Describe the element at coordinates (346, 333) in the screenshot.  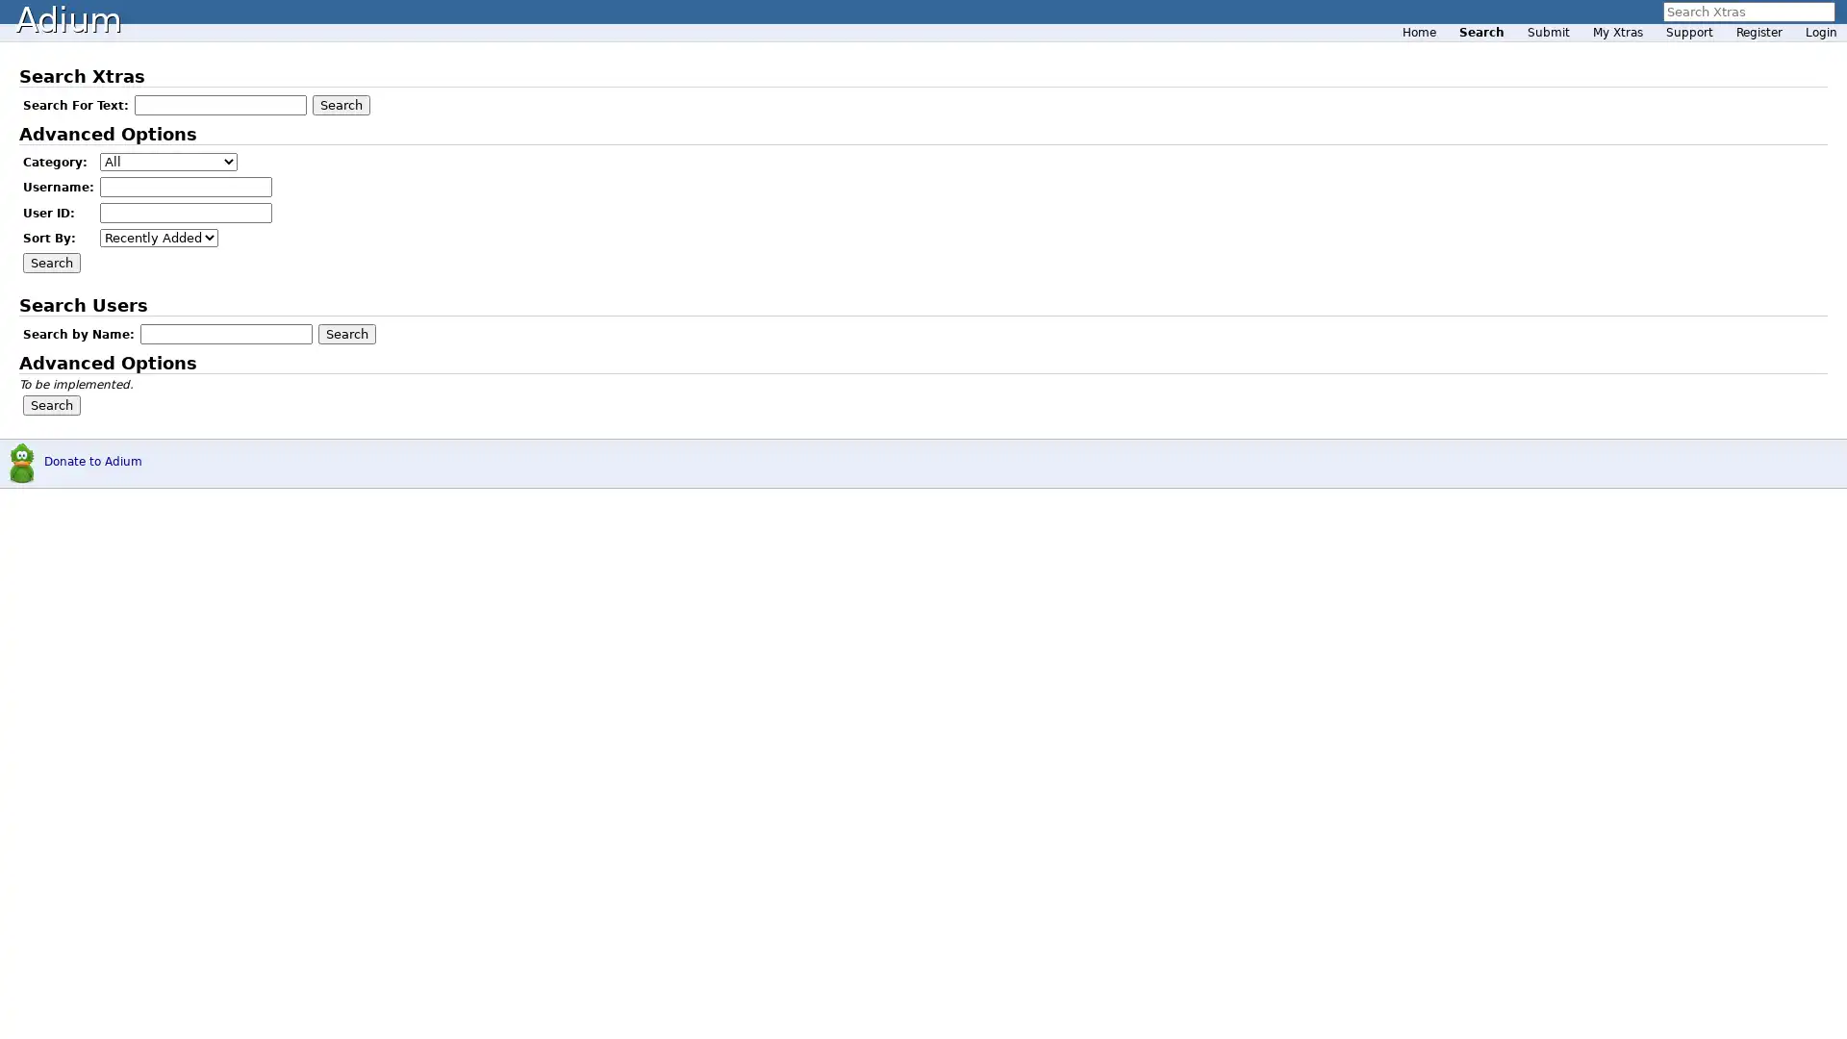
I see `Search` at that location.